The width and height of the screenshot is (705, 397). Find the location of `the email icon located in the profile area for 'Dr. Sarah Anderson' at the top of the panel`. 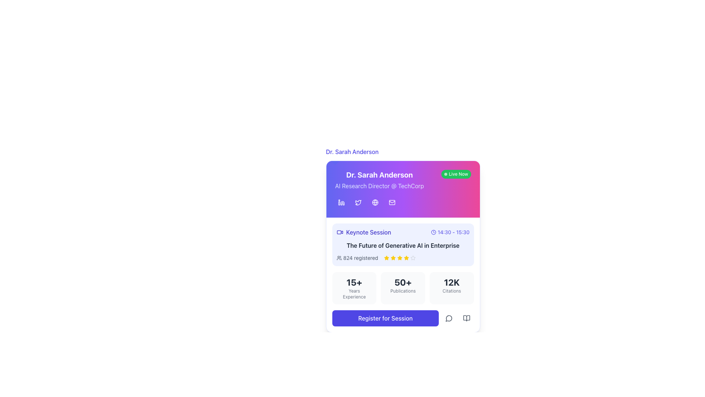

the email icon located in the profile area for 'Dr. Sarah Anderson' at the top of the panel is located at coordinates (402, 189).